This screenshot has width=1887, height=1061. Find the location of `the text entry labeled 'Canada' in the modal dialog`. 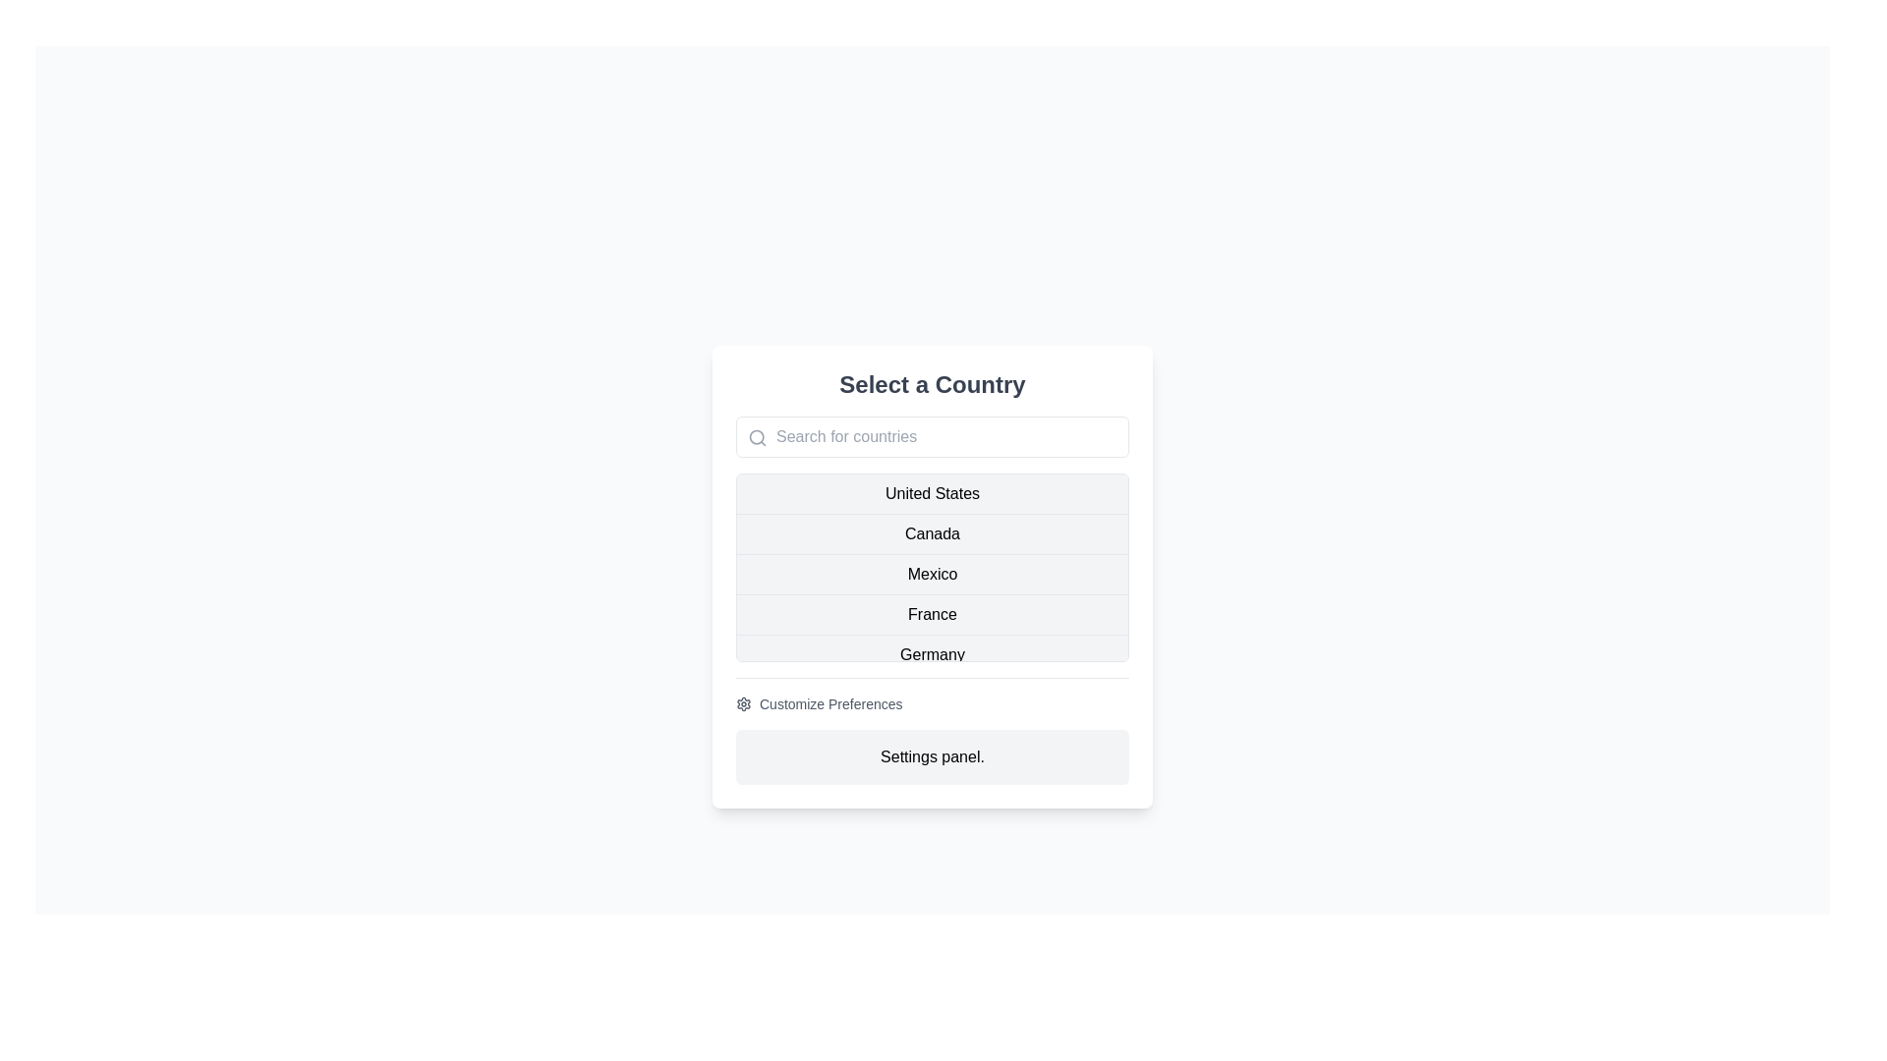

the text entry labeled 'Canada' in the modal dialog is located at coordinates (932, 533).